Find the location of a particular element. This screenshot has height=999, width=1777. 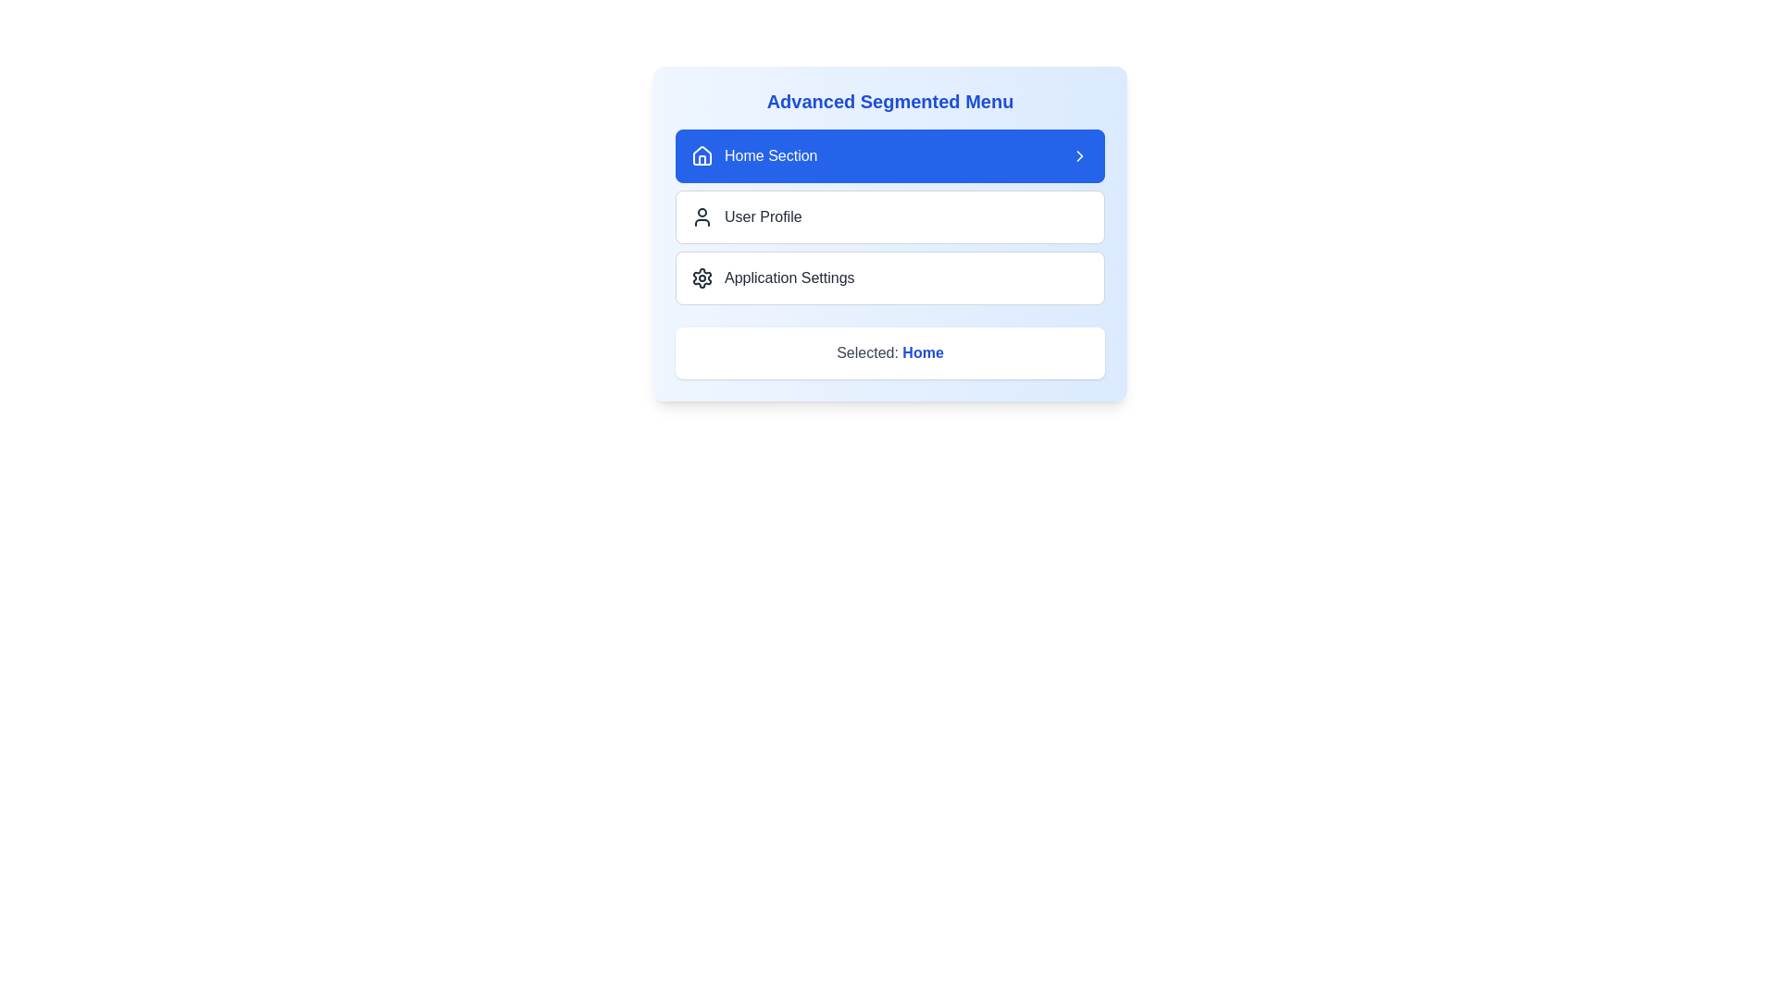

the 'Application Settings' text label in the menu, which is part of an interactive section representing application configurations is located at coordinates (789, 277).